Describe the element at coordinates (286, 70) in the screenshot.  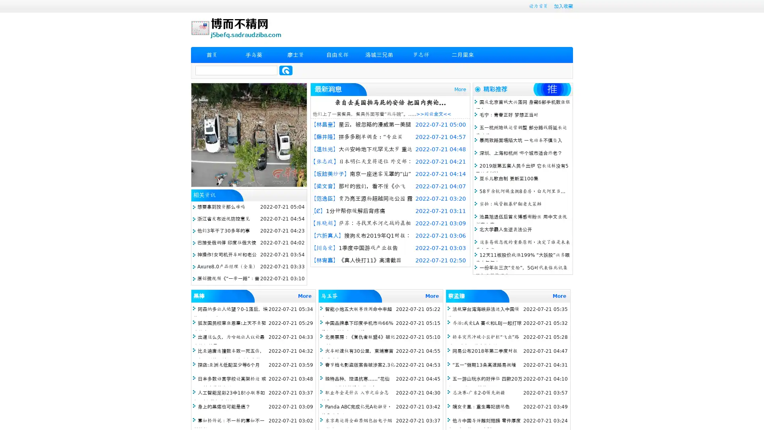
I see `Search` at that location.